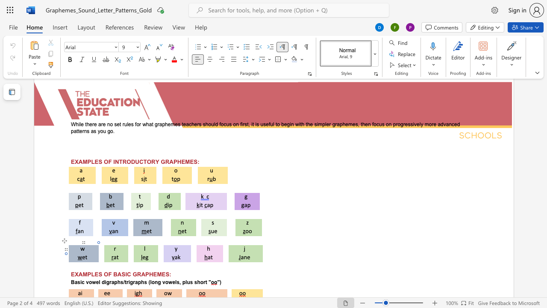 This screenshot has height=308, width=547. I want to click on the 1th character "M" in the text, so click(85, 274).